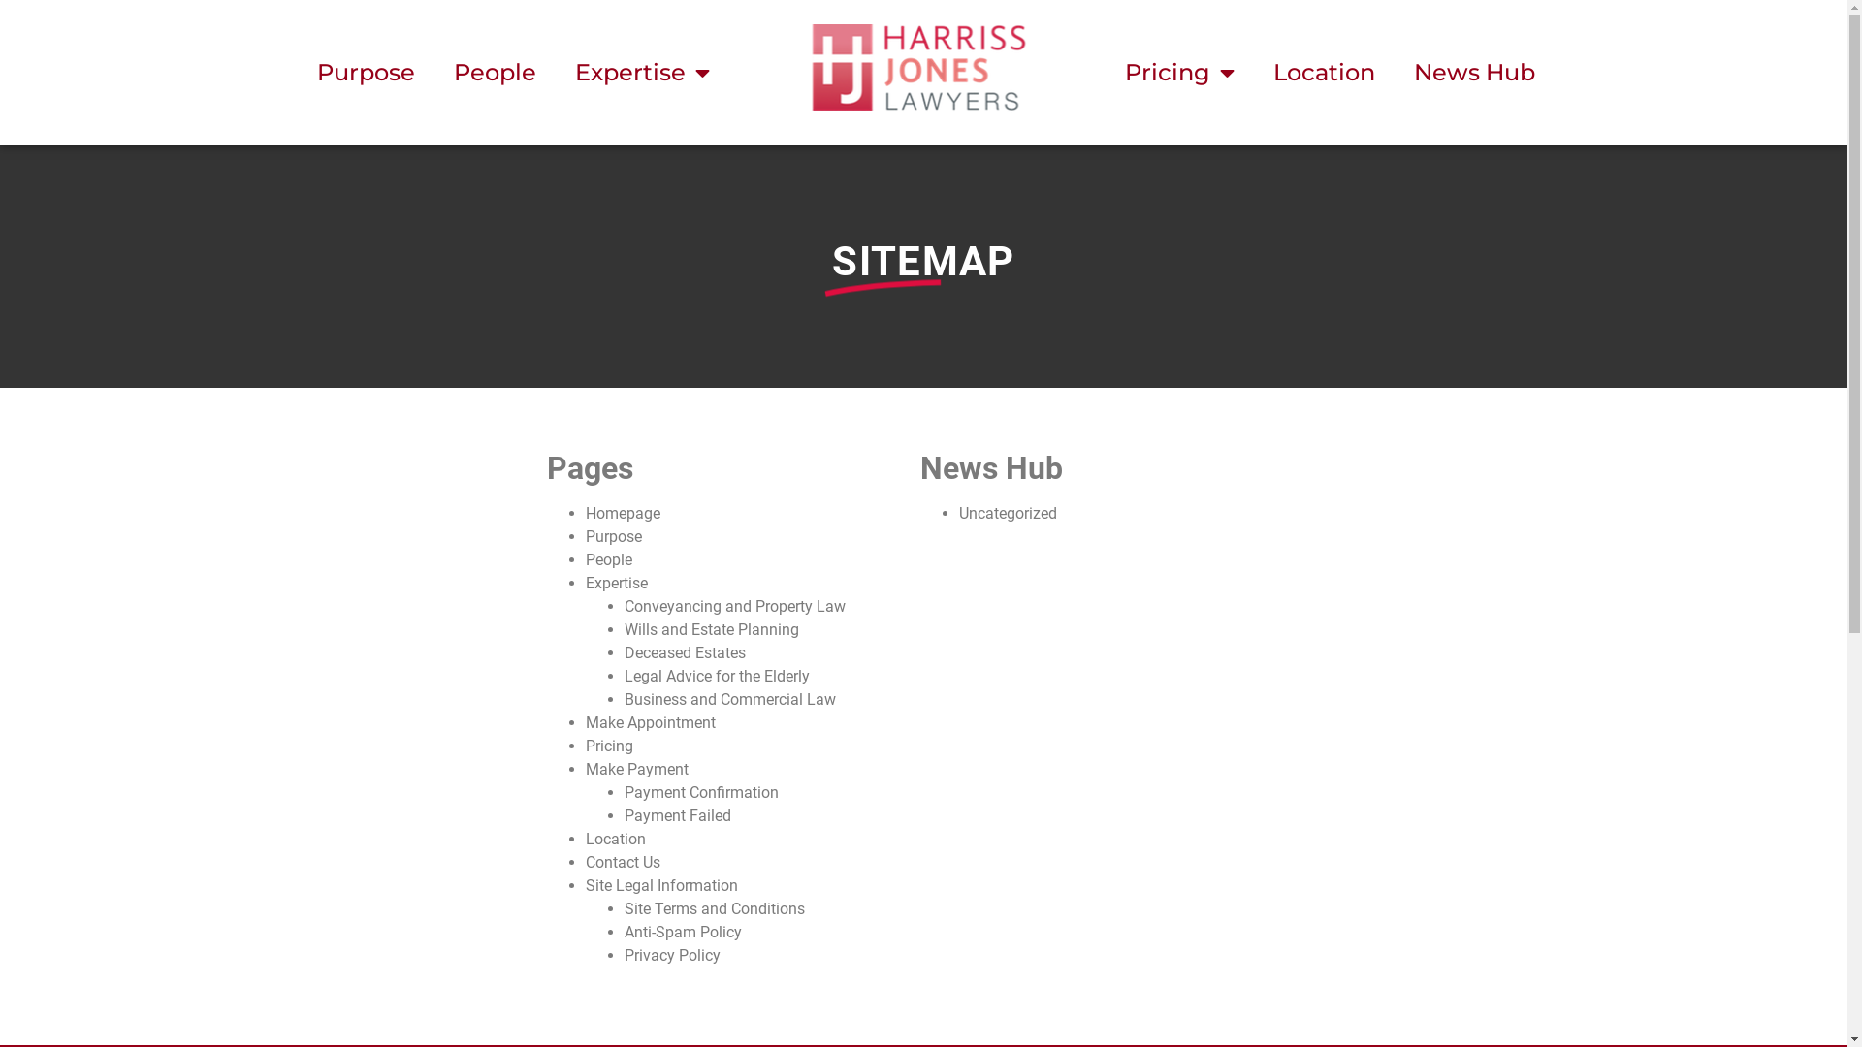 The image size is (1862, 1047). I want to click on 'Payment Failed', so click(678, 815).